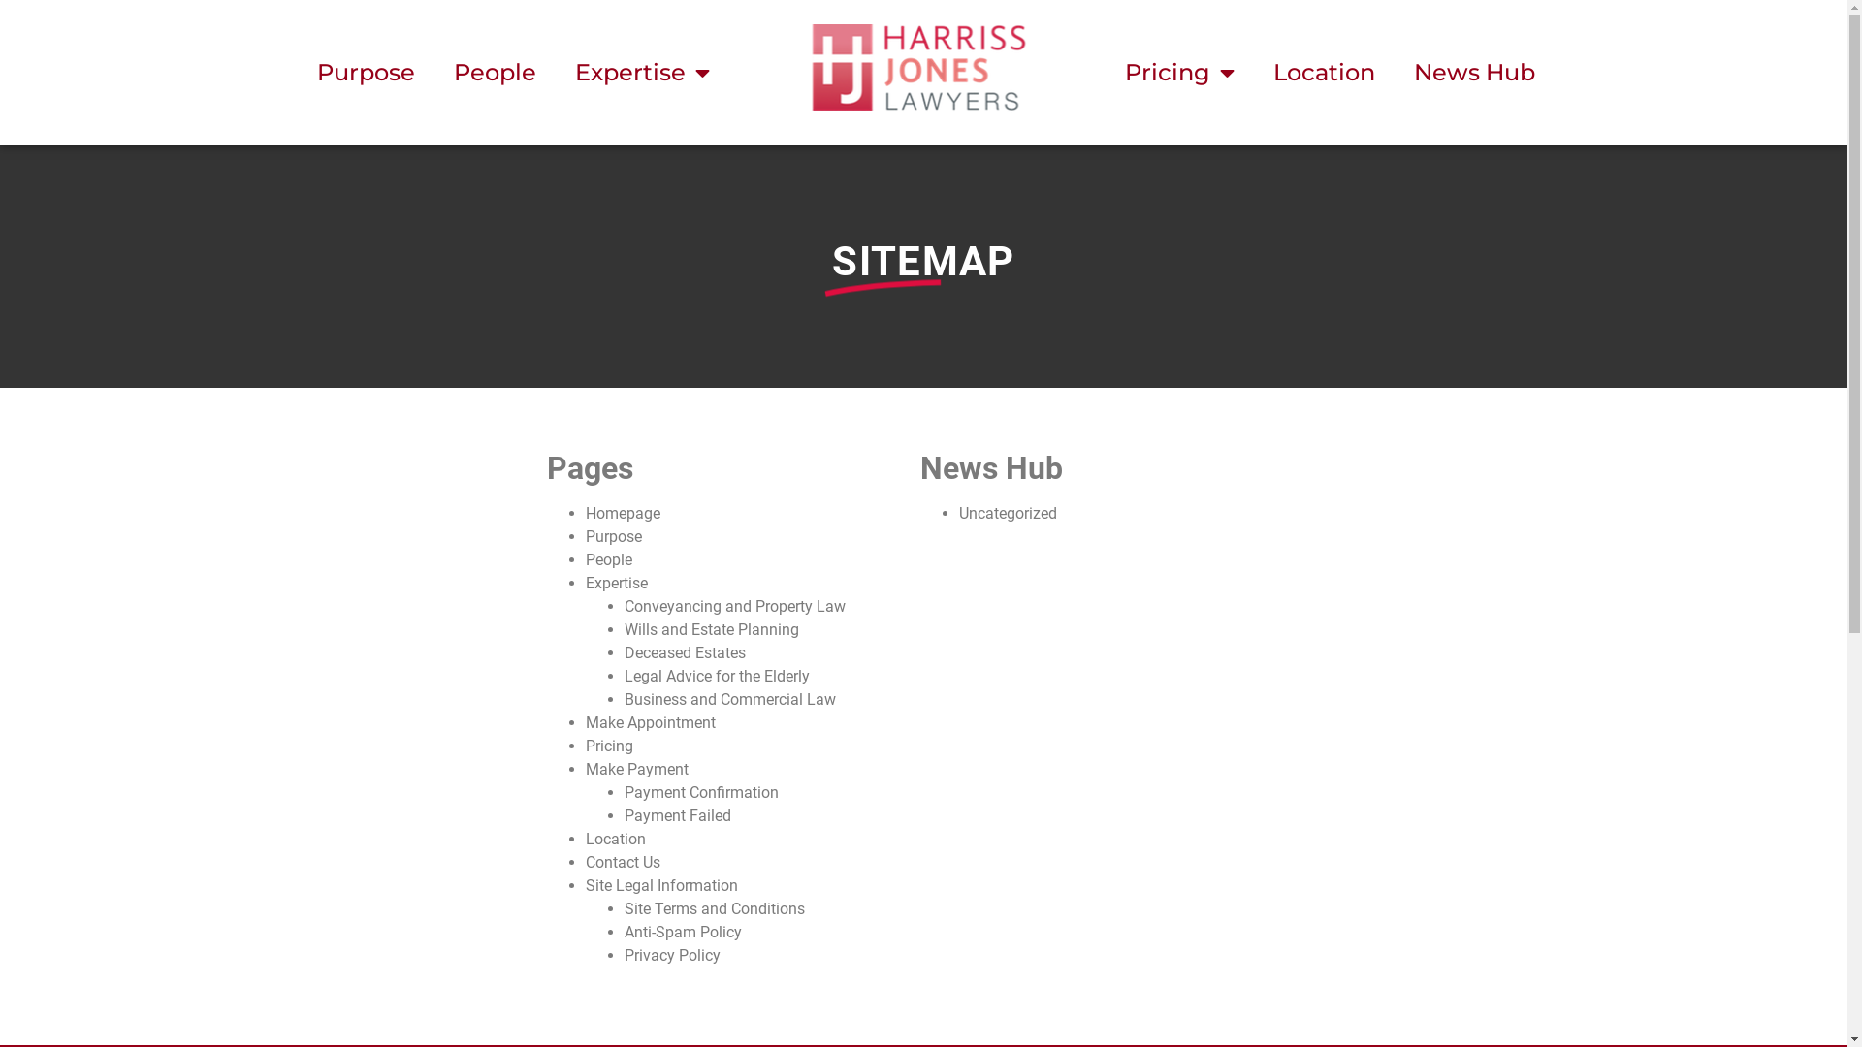 The image size is (1862, 1047). I want to click on 'Payment Failed', so click(678, 815).